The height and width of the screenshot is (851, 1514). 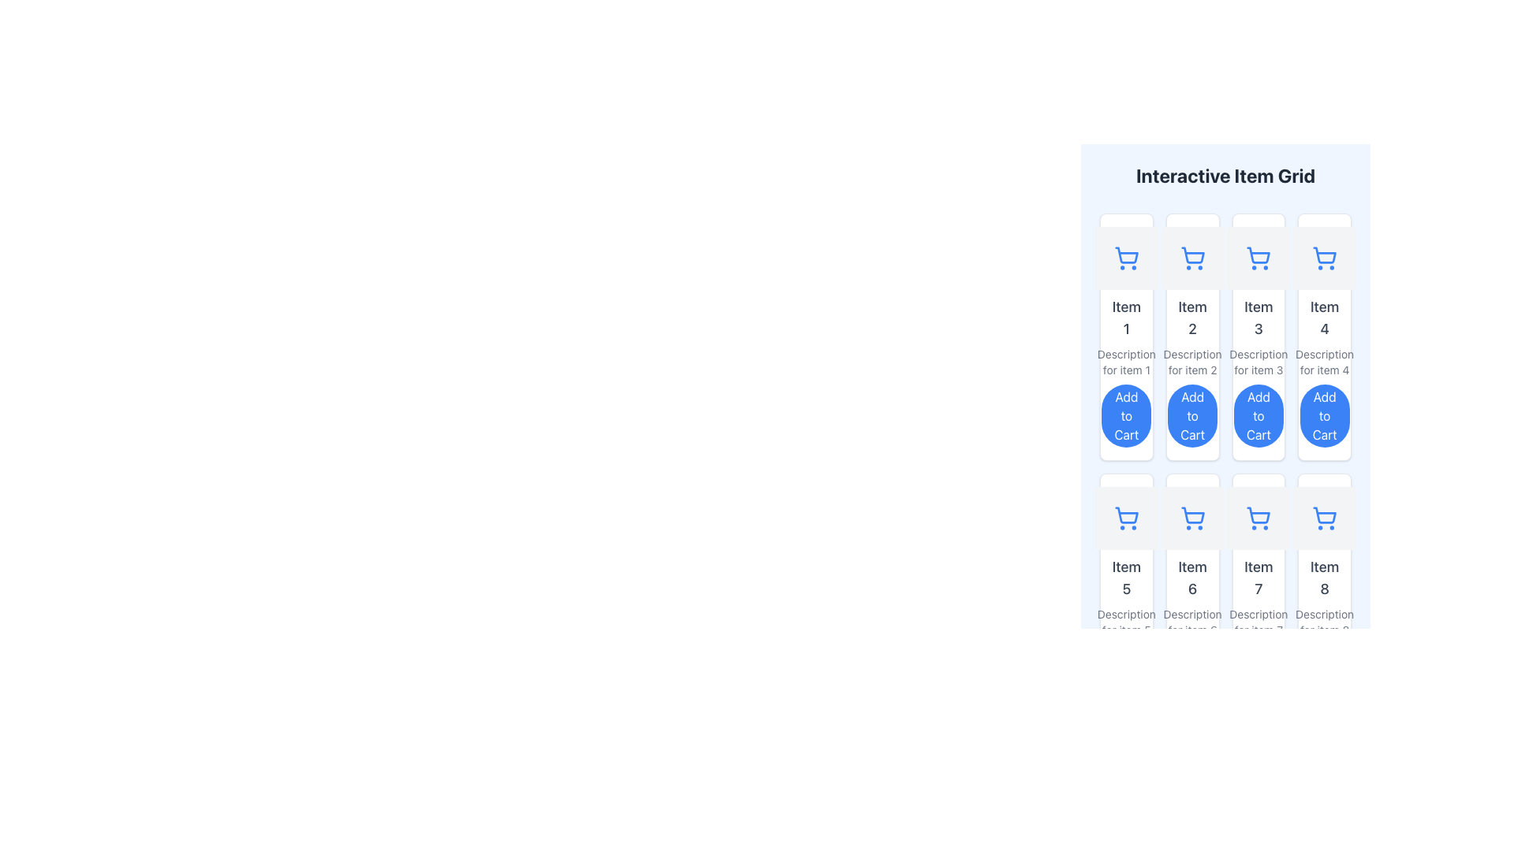 What do you see at coordinates (1125, 257) in the screenshot?
I see `the blue shopping cart icon located at the top of the 'Item 1' card in the first column of the grid layout` at bounding box center [1125, 257].